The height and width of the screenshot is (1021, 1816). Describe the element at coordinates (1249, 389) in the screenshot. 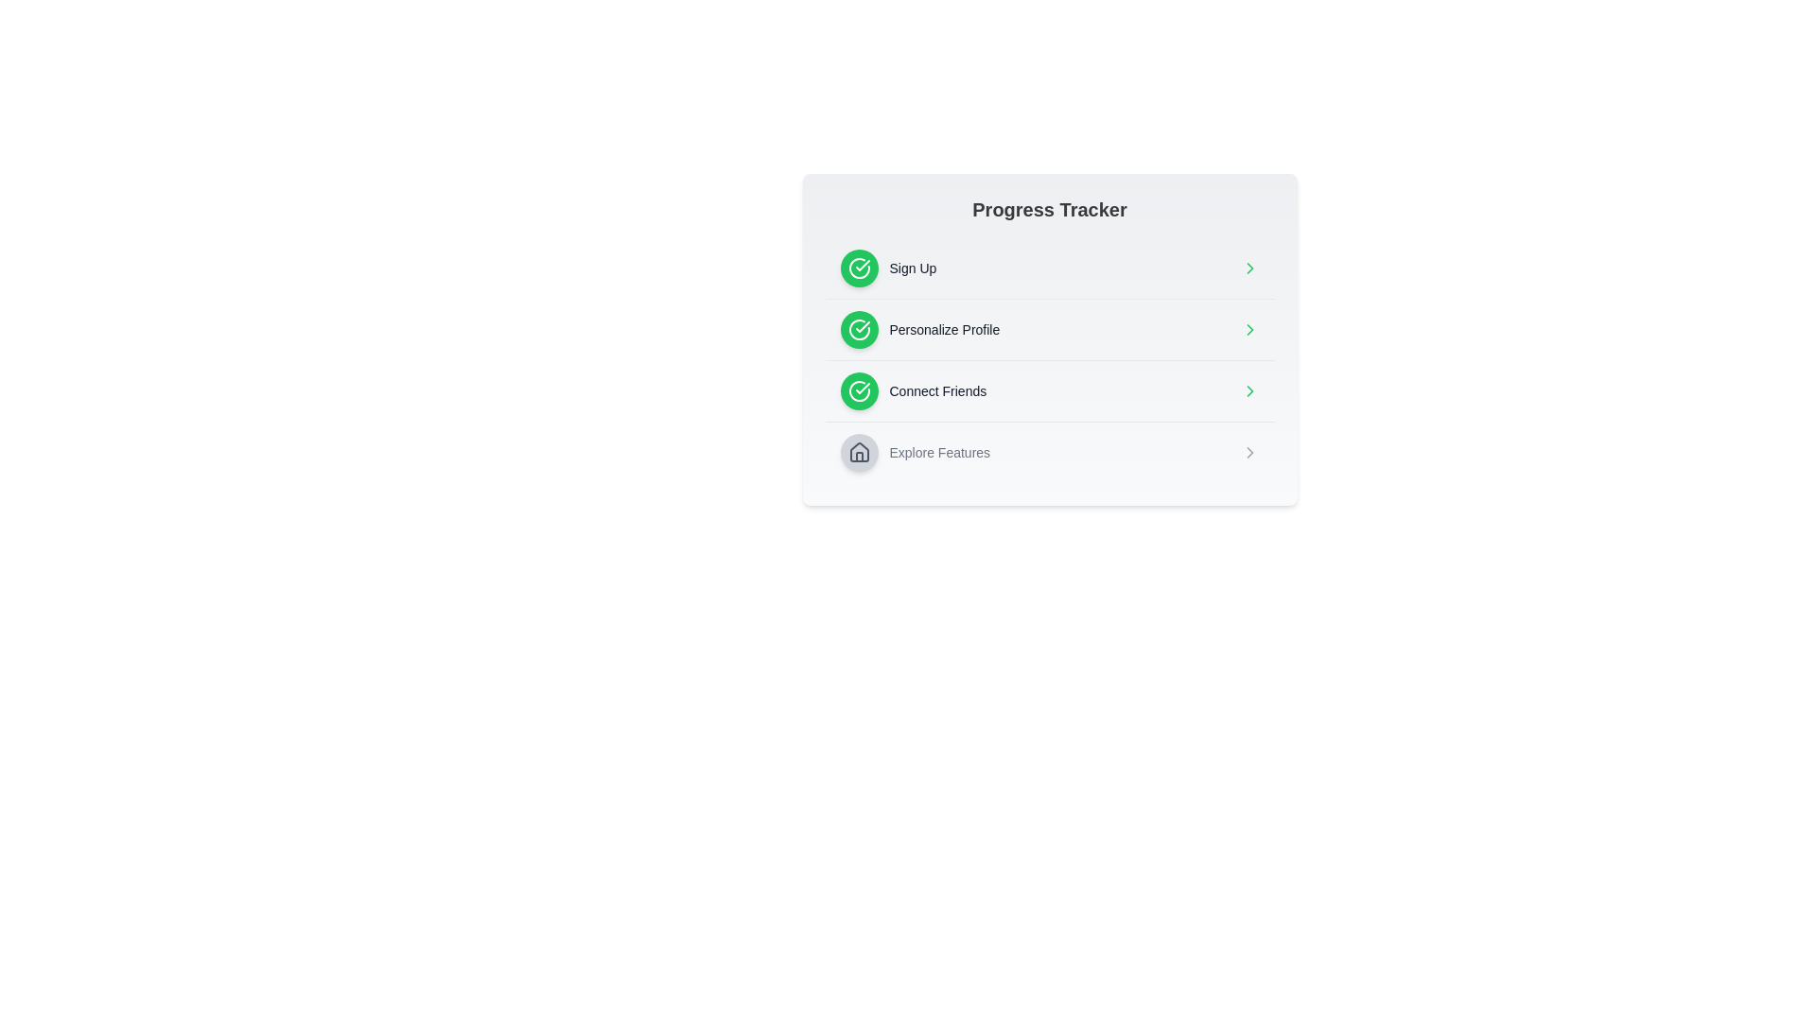

I see `the right-pointing chevron icon within the 'Connect Friends' entry of the progress tracker interface` at that location.